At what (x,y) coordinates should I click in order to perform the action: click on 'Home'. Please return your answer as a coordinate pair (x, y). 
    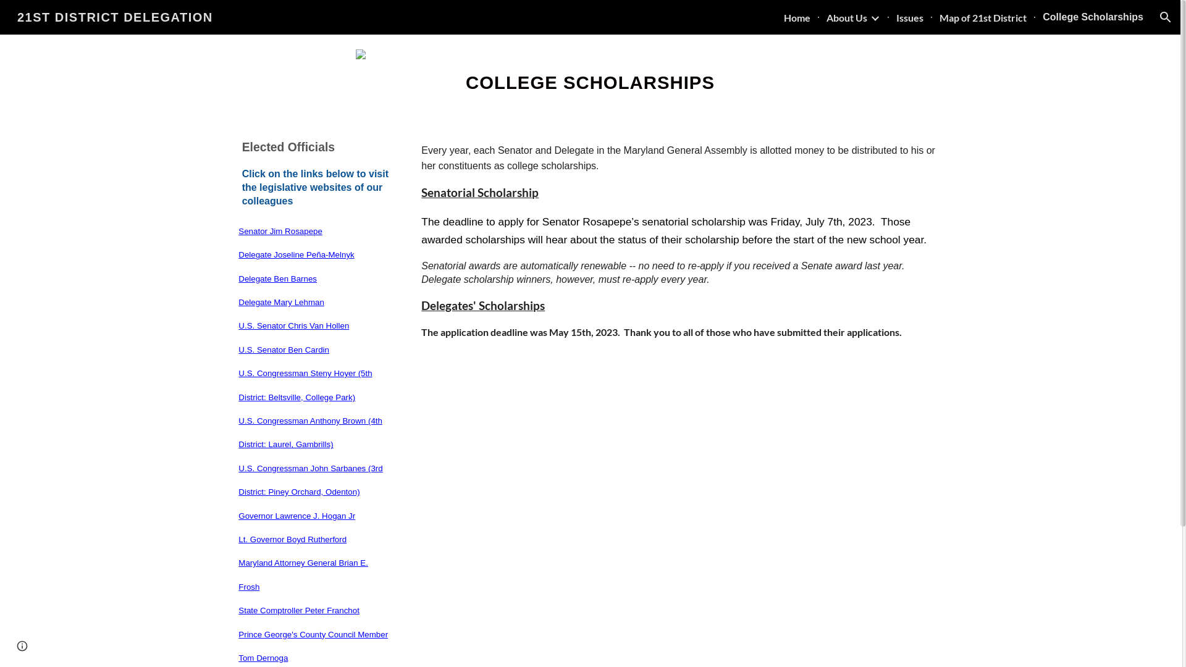
    Looking at the image, I should click on (797, 17).